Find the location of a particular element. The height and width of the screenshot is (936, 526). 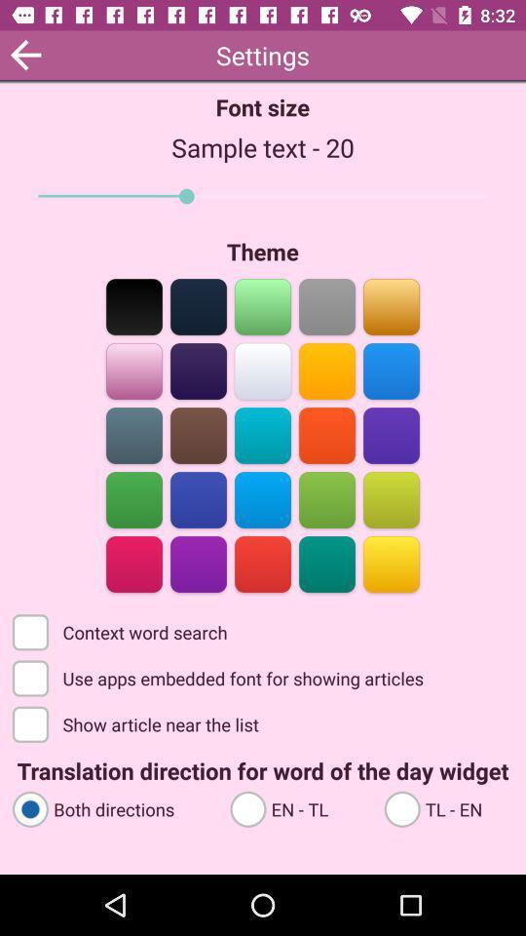

that color as the theme is located at coordinates (133, 563).